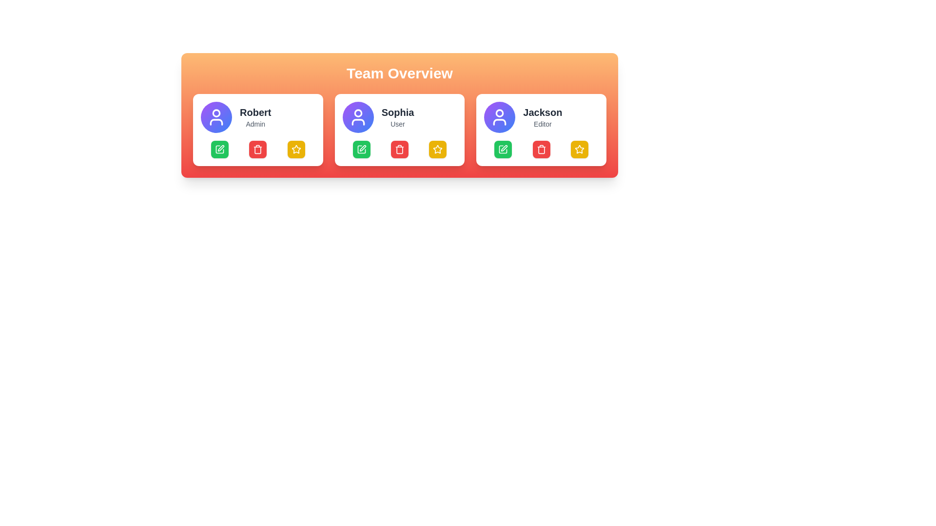  What do you see at coordinates (541, 150) in the screenshot?
I see `the red trash can button located in the 'Jackson' card under 'Team Overview'` at bounding box center [541, 150].